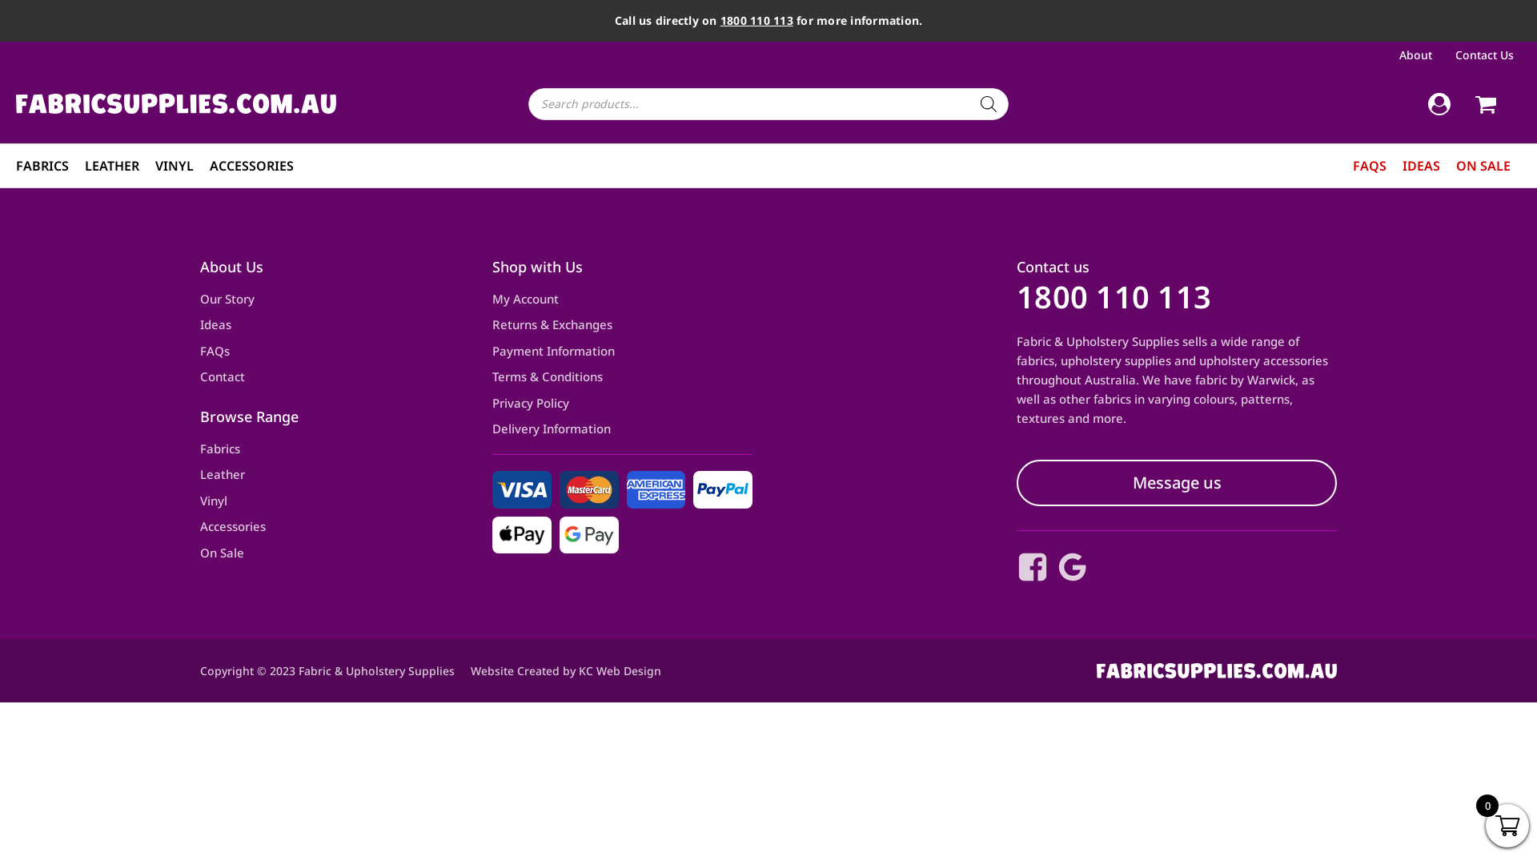  I want to click on 'Accessories', so click(232, 526).